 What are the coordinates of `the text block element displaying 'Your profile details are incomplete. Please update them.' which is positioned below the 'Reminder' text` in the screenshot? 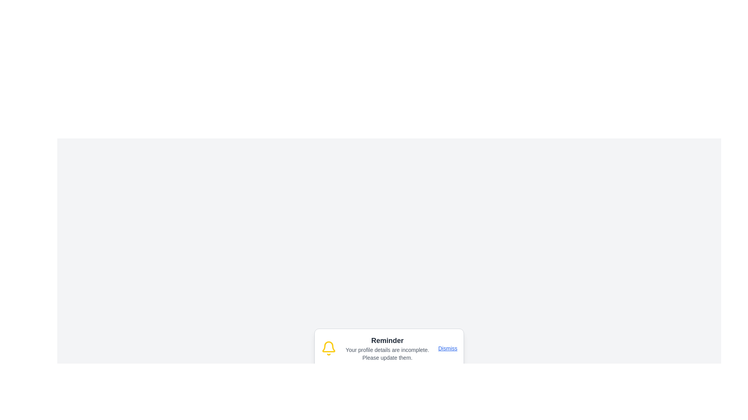 It's located at (387, 354).